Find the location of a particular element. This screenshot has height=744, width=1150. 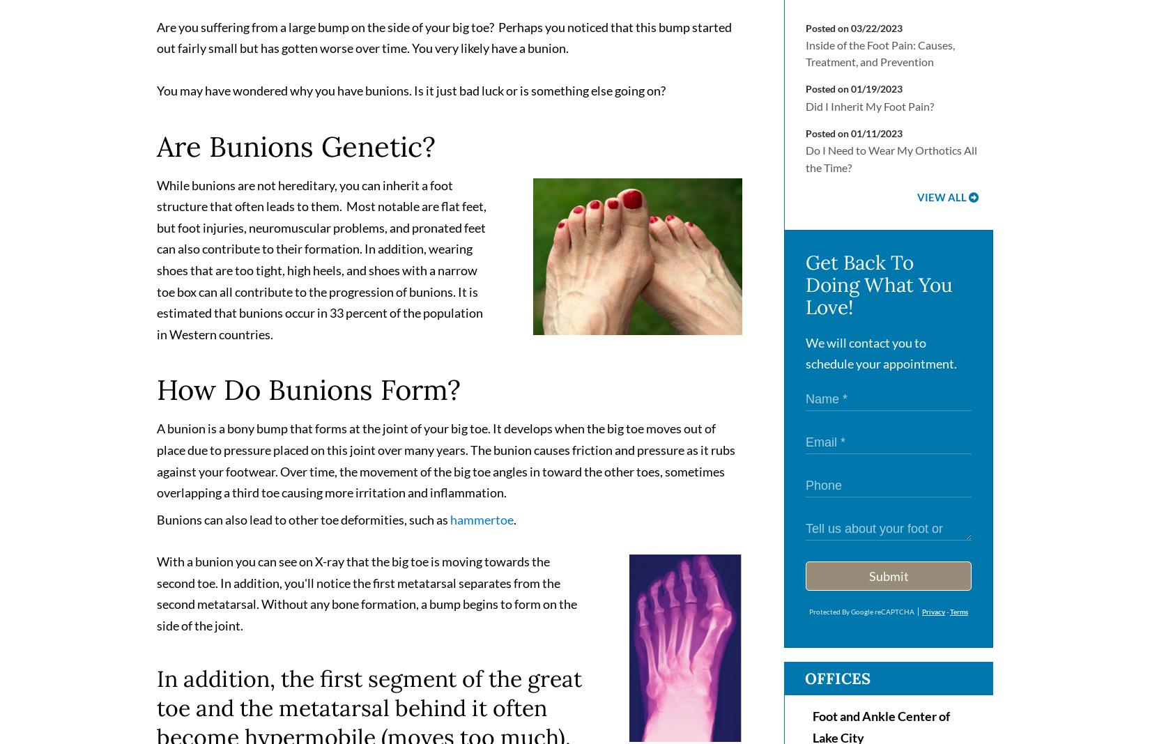

'Posted on 01/11/2023' is located at coordinates (854, 139).